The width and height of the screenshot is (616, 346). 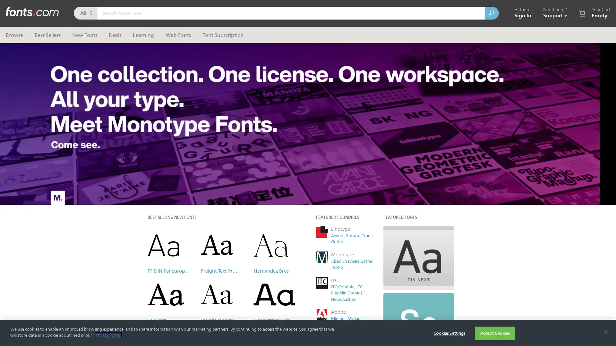 What do you see at coordinates (372, 165) in the screenshot?
I see `Subscribe` at bounding box center [372, 165].